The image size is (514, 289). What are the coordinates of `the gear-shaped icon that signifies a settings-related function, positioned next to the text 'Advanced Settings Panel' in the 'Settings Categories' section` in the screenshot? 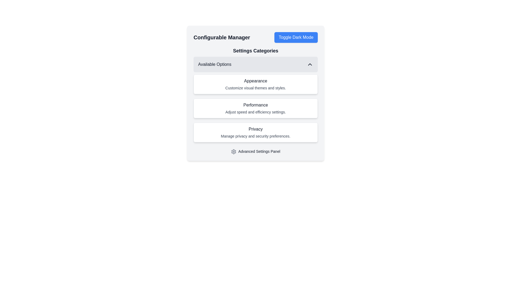 It's located at (234, 152).